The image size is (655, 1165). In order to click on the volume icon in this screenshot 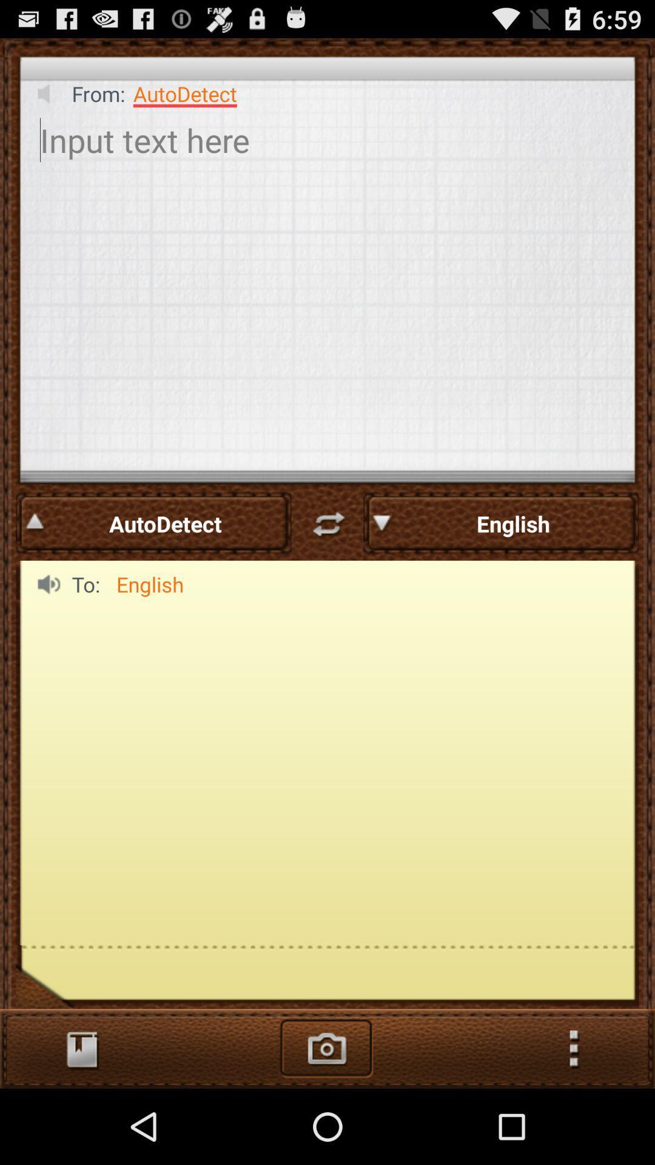, I will do `click(44, 100)`.